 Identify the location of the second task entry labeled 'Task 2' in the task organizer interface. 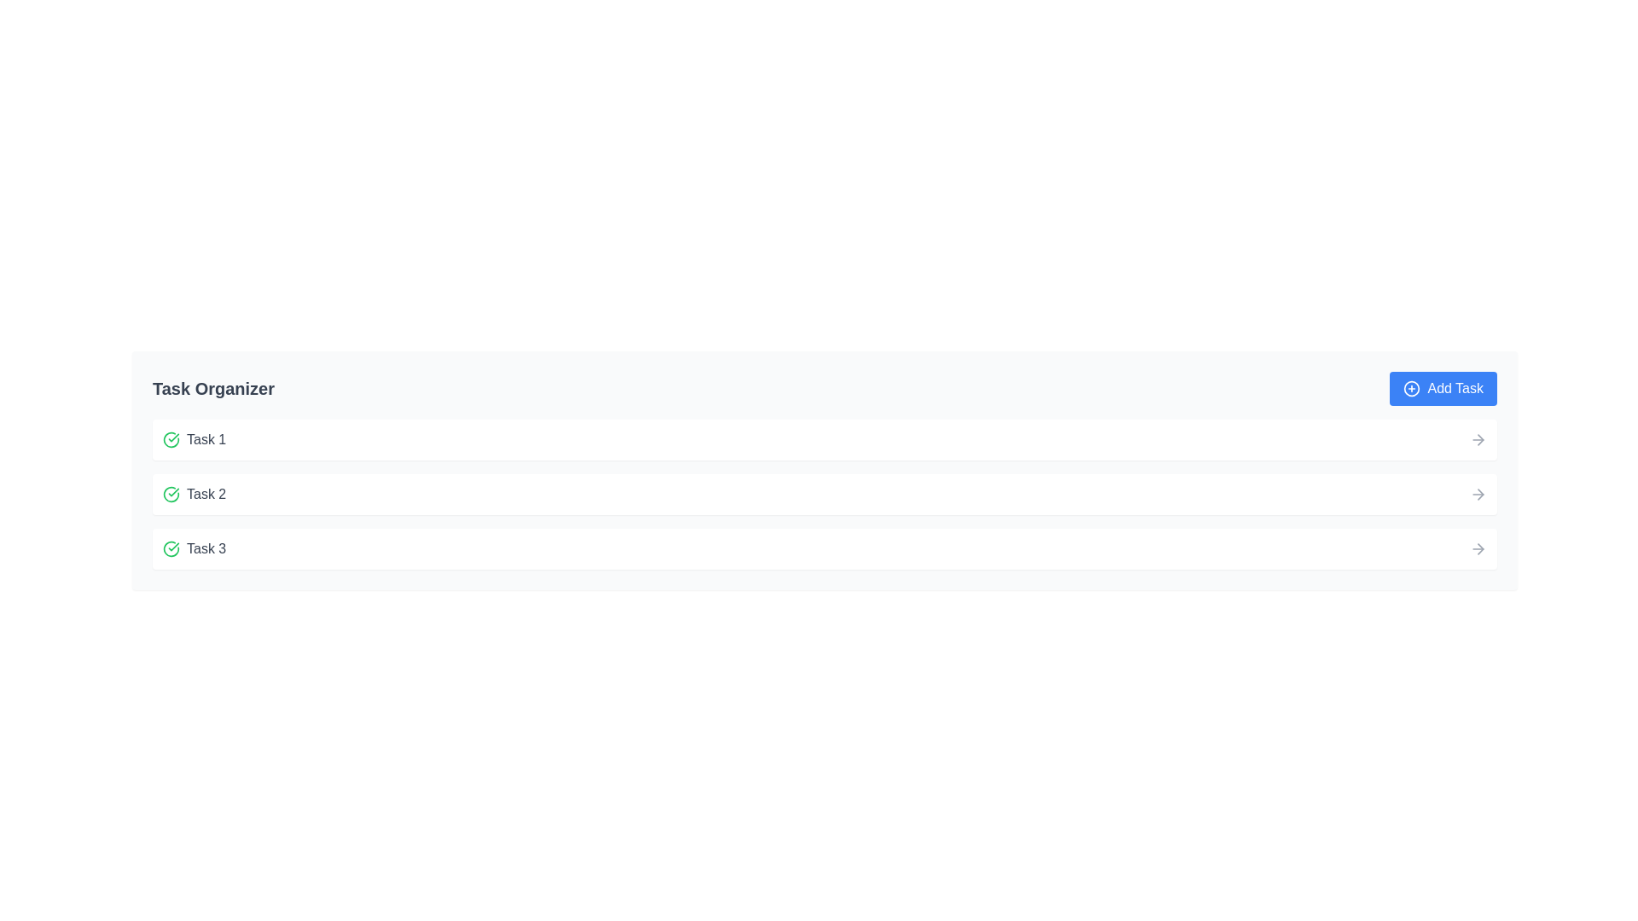
(824, 494).